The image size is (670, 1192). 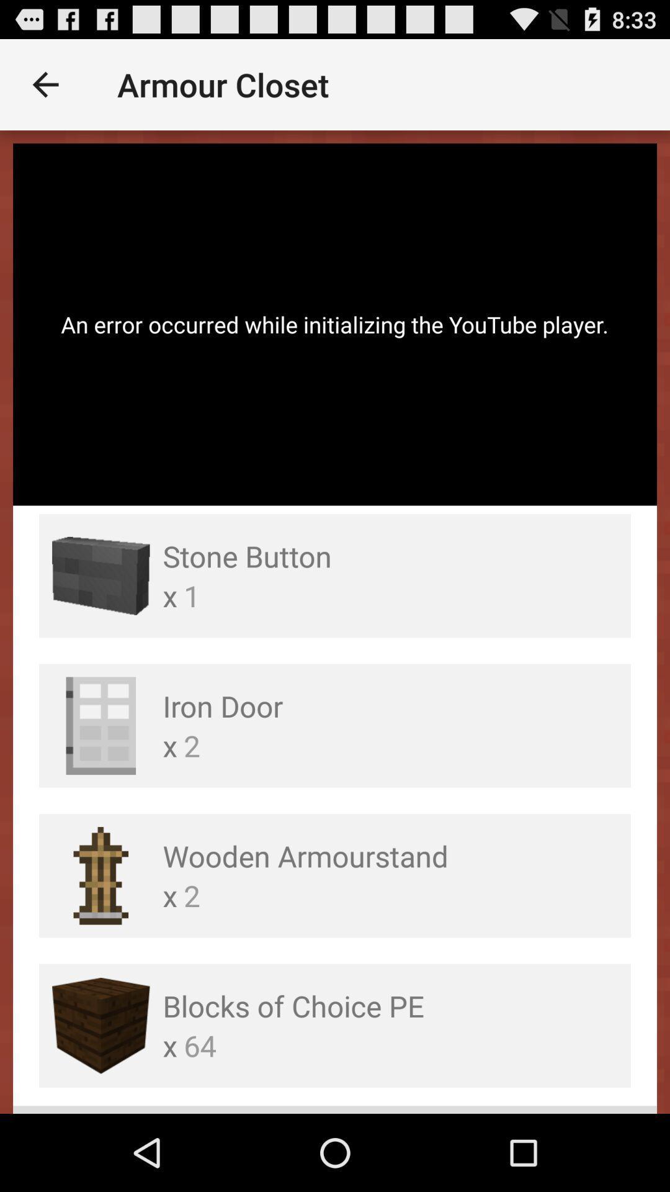 What do you see at coordinates (100, 1026) in the screenshot?
I see `icon left to the text blocks of choice pe` at bounding box center [100, 1026].